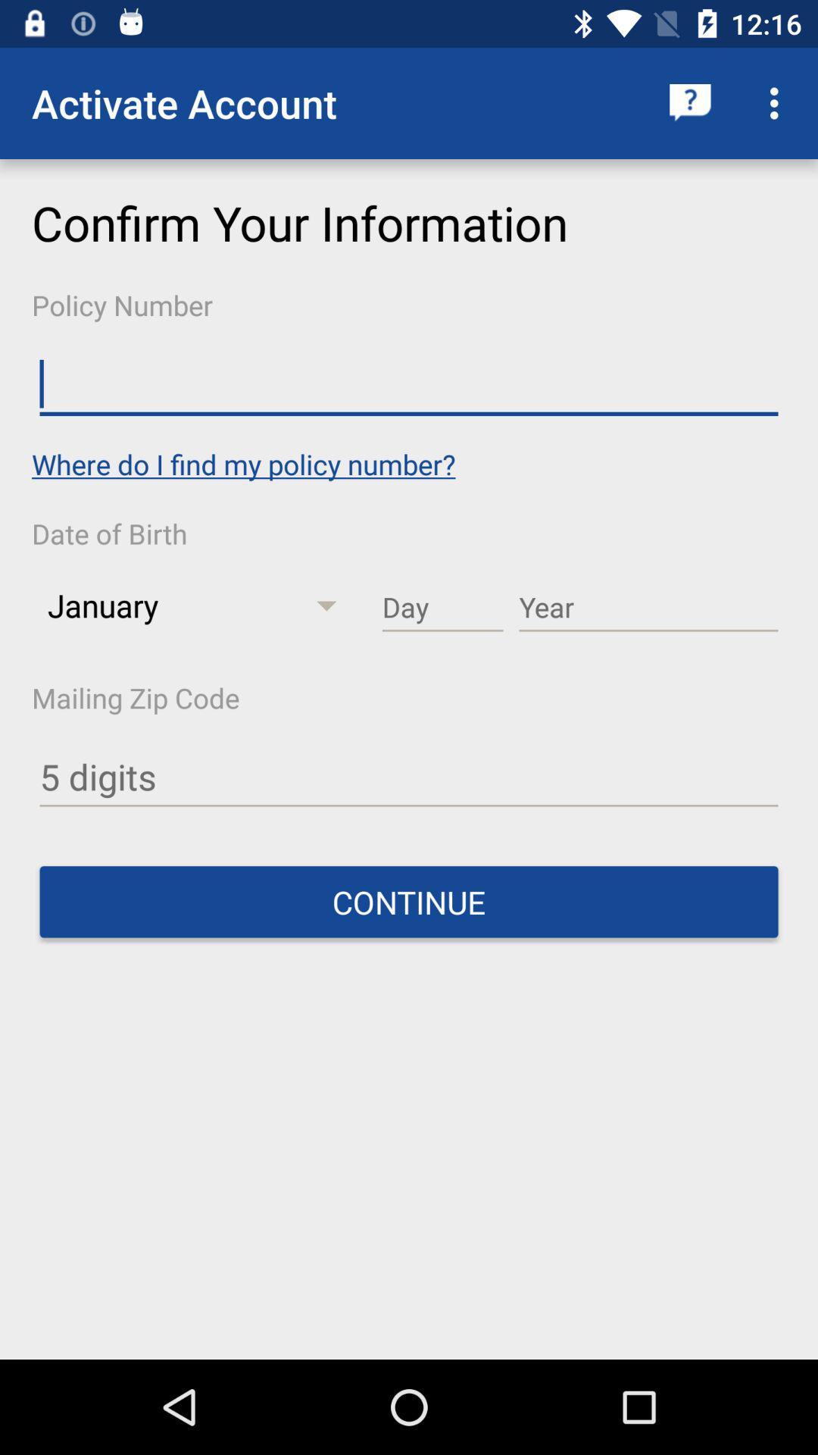 This screenshot has width=818, height=1455. I want to click on the continue, so click(409, 902).